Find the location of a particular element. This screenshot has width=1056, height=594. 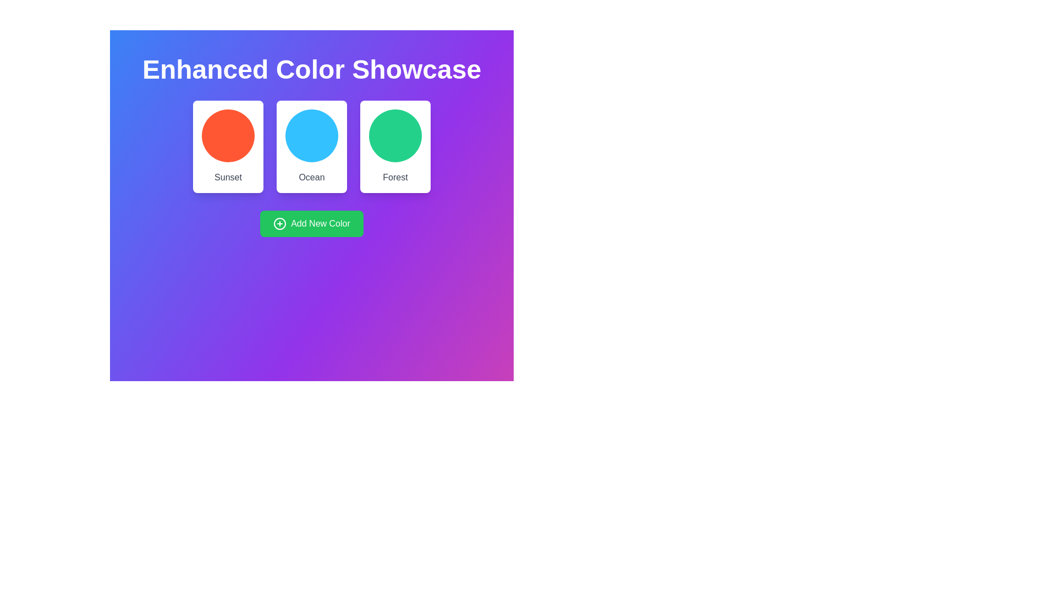

the third card from the left in the grid that represents 'Forest' is located at coordinates (395, 146).